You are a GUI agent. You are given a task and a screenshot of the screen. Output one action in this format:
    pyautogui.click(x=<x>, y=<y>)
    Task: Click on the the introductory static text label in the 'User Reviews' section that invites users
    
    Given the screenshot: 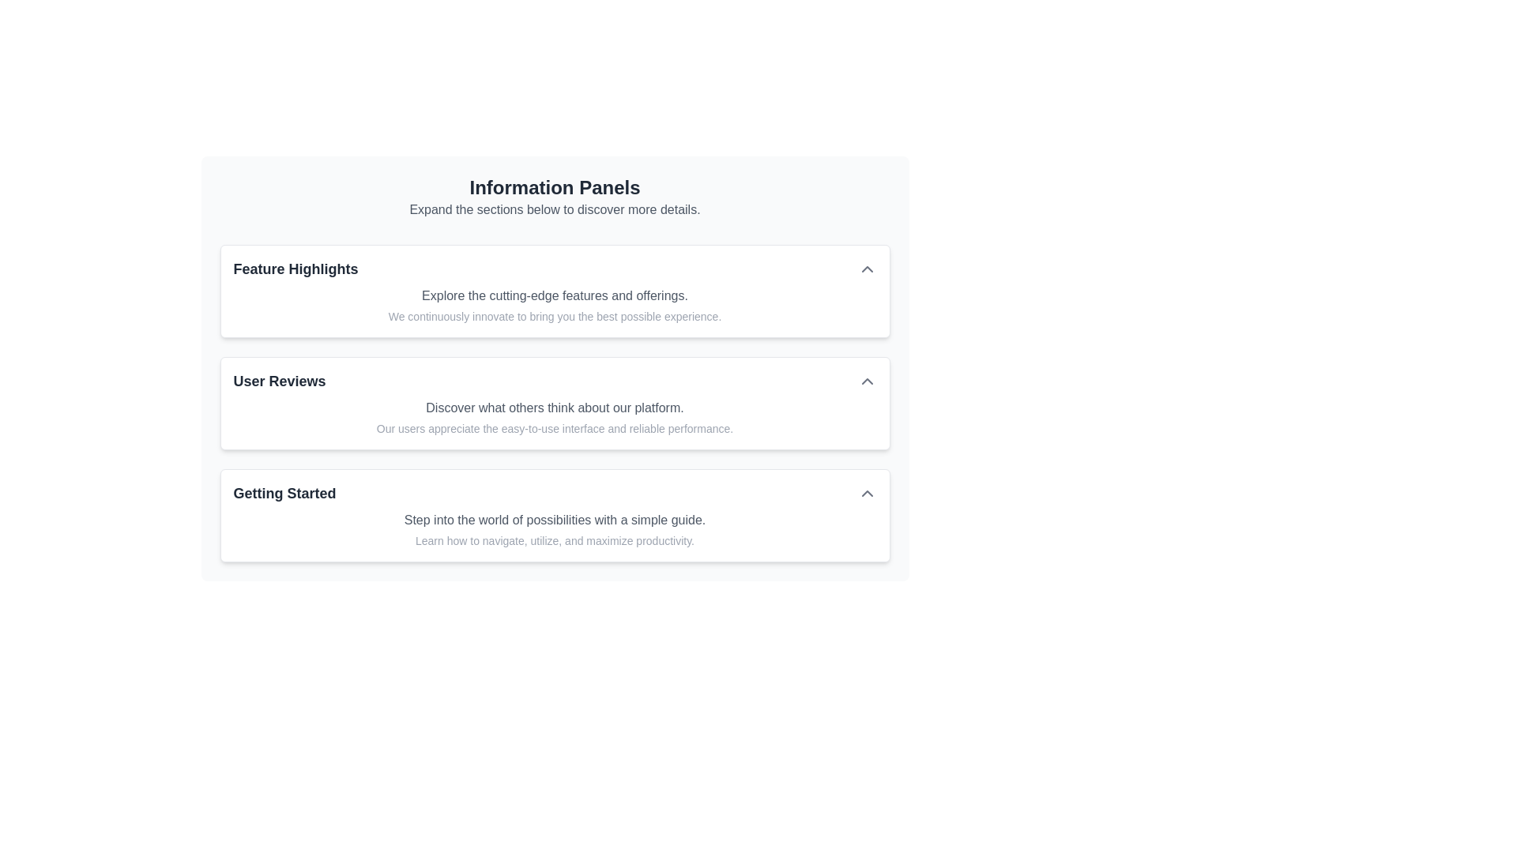 What is the action you would take?
    pyautogui.click(x=555, y=407)
    